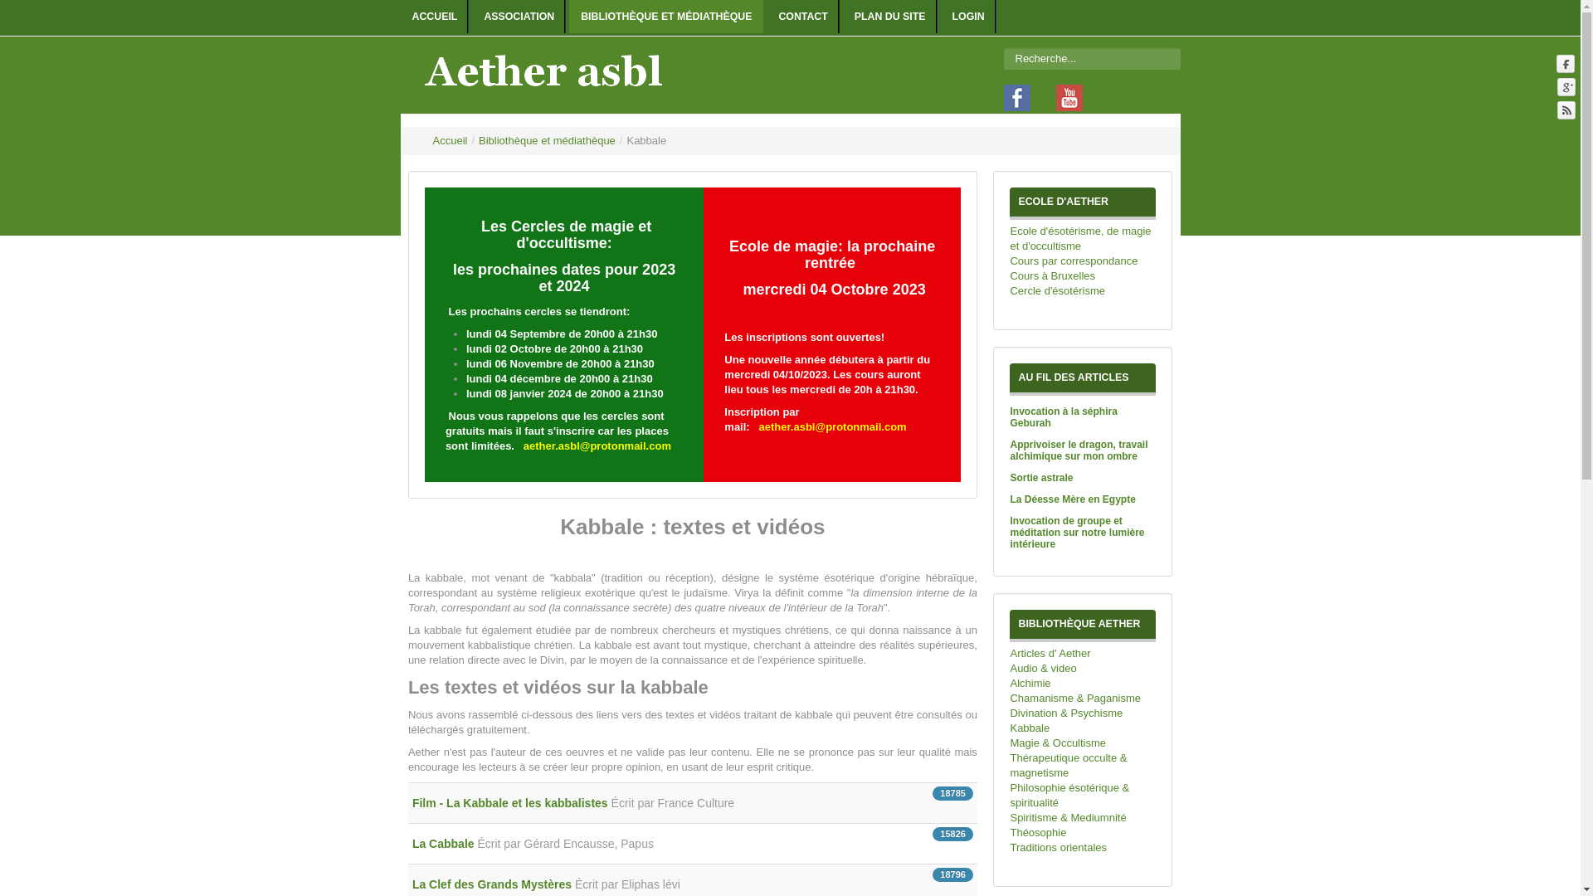 The width and height of the screenshot is (1593, 896). Describe the element at coordinates (1556, 86) in the screenshot. I see `'Google'` at that location.